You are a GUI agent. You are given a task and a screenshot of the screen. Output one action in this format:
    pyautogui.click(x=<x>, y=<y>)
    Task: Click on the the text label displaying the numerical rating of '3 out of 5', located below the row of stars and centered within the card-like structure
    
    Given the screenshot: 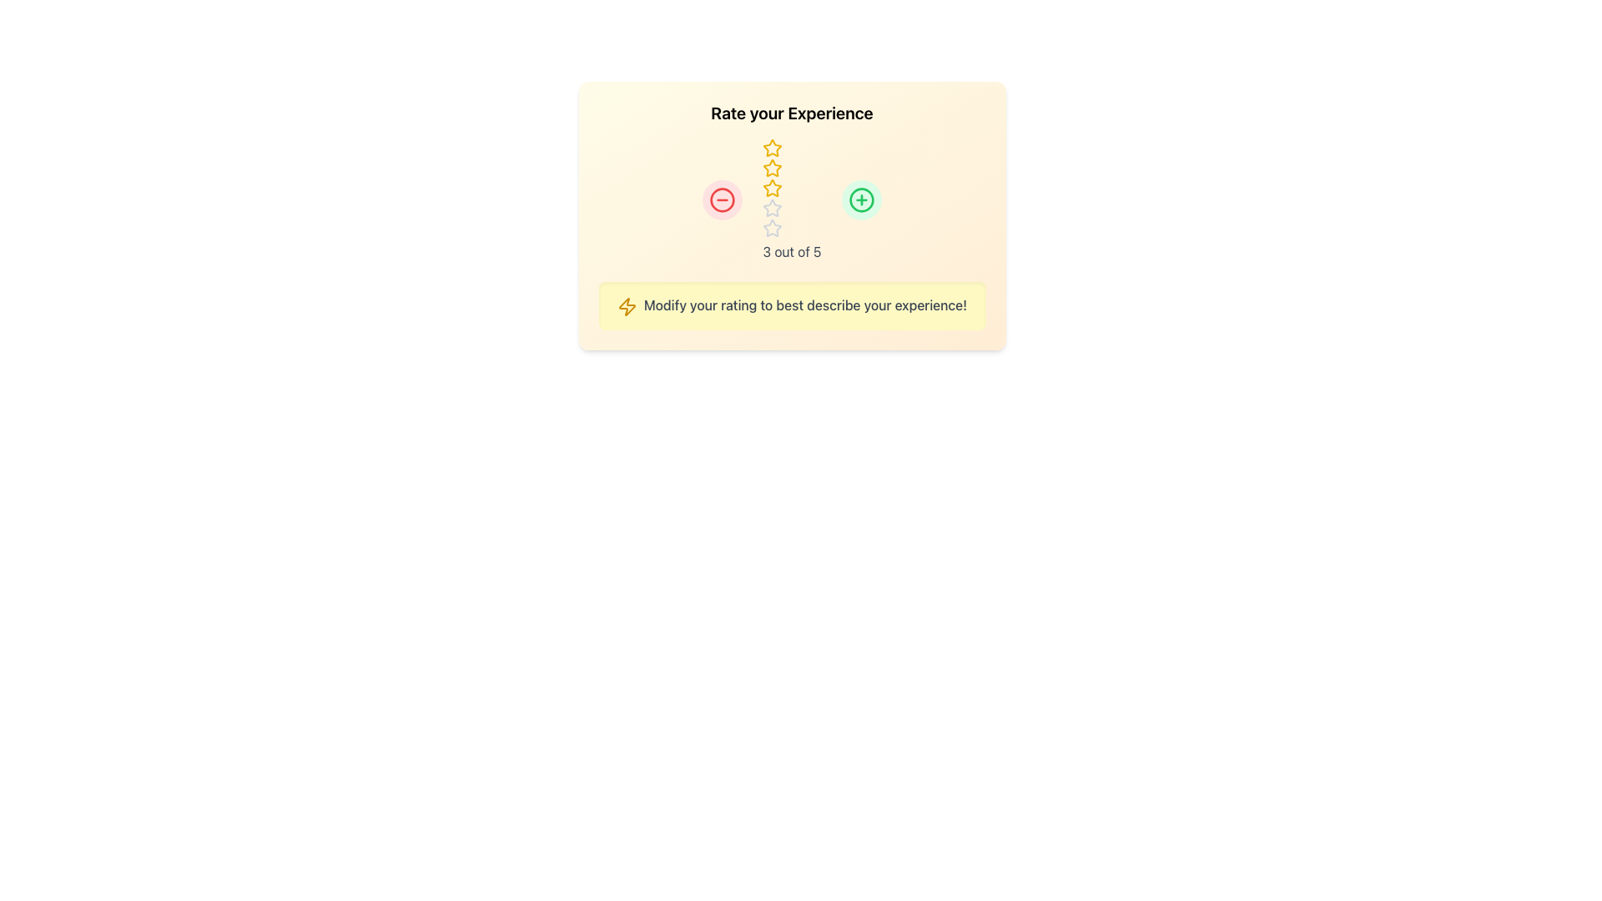 What is the action you would take?
    pyautogui.click(x=791, y=251)
    